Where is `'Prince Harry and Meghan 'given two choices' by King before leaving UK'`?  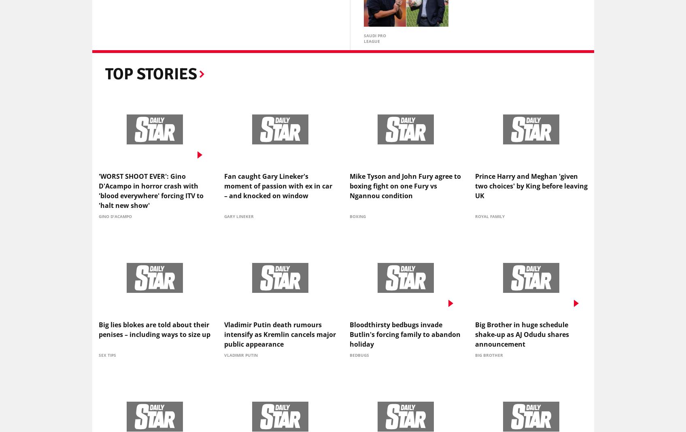 'Prince Harry and Meghan 'given two choices' by King before leaving UK' is located at coordinates (531, 188).